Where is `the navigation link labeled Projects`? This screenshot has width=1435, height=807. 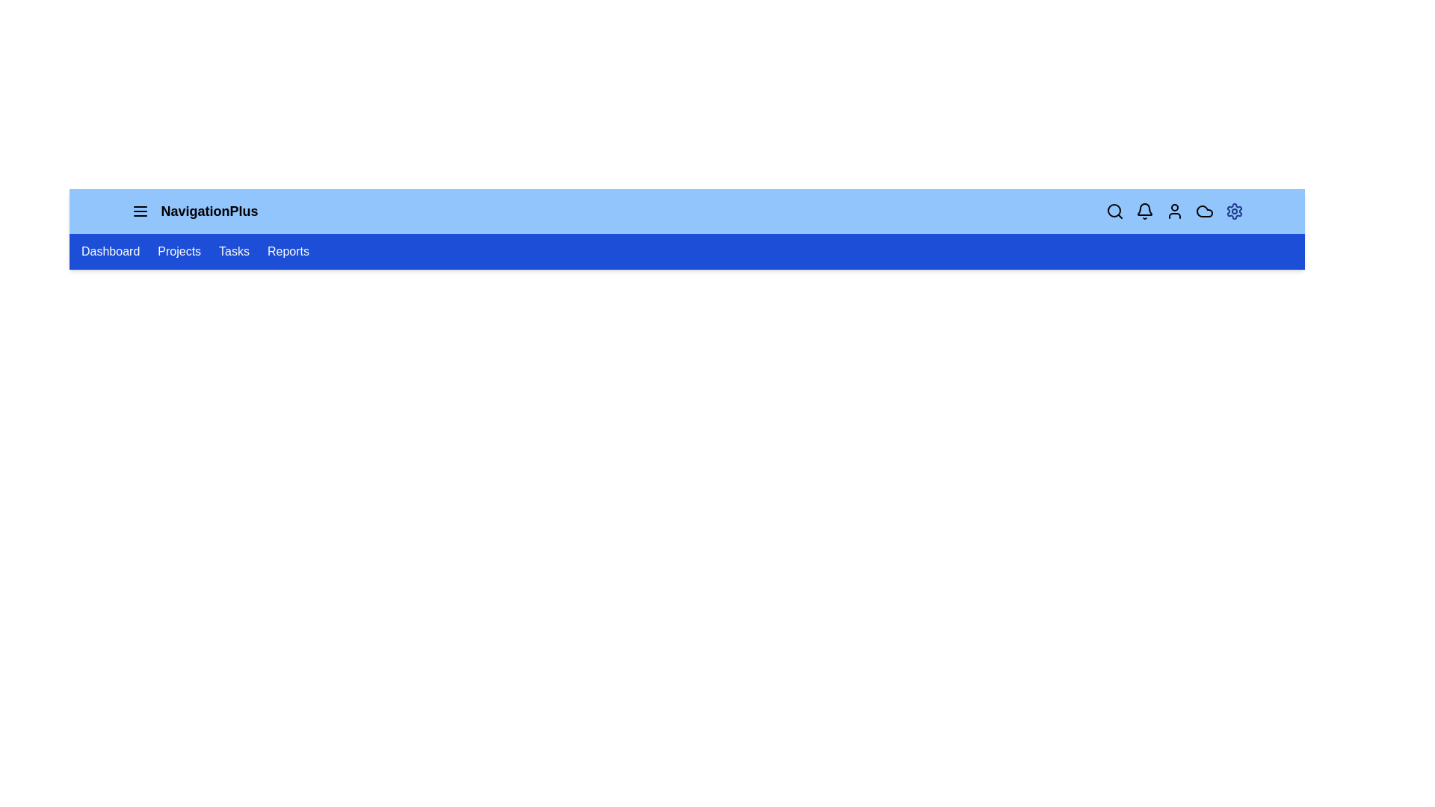
the navigation link labeled Projects is located at coordinates (179, 250).